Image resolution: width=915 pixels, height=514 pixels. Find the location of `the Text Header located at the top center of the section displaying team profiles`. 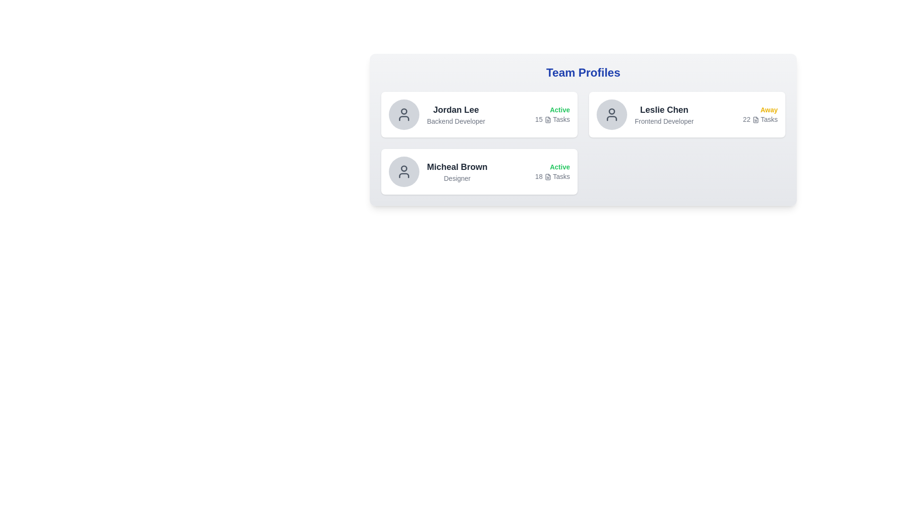

the Text Header located at the top center of the section displaying team profiles is located at coordinates (583, 72).